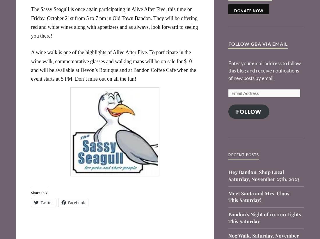 The image size is (320, 239). I want to click on 'Bandon’s Night of 10,000 Lights This Saturday', so click(228, 217).